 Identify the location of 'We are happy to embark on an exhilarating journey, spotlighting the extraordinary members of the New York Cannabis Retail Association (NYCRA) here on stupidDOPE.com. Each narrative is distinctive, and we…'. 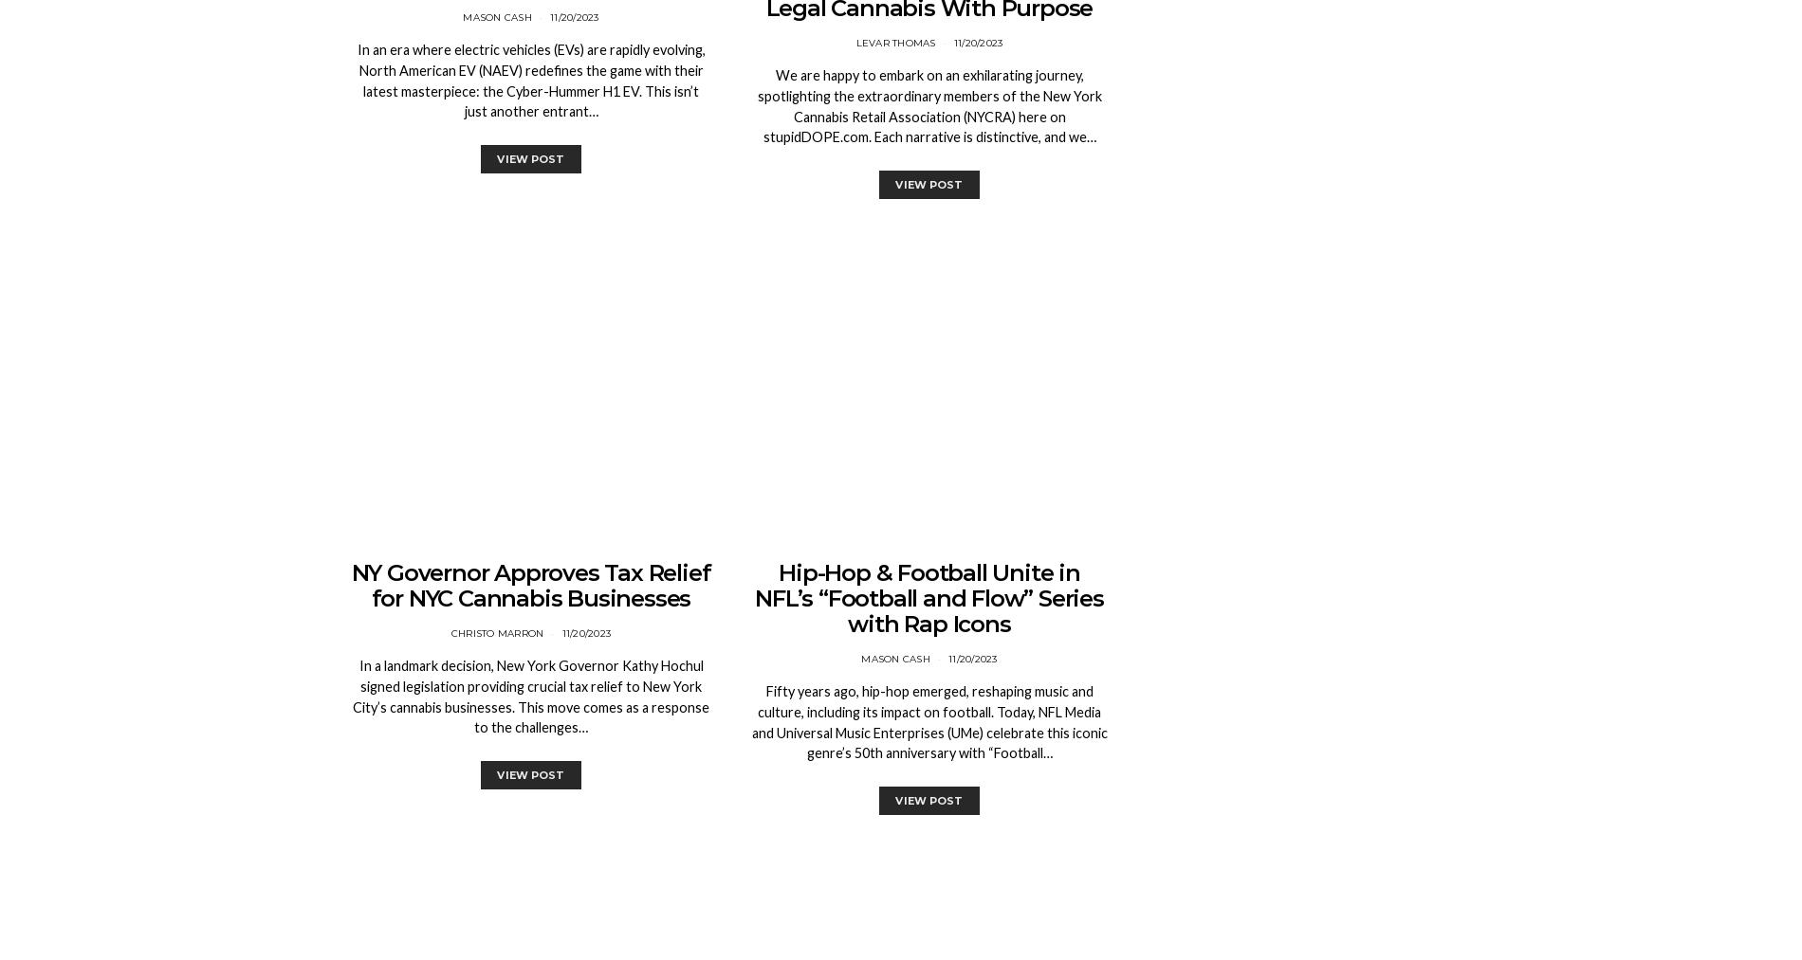
(929, 106).